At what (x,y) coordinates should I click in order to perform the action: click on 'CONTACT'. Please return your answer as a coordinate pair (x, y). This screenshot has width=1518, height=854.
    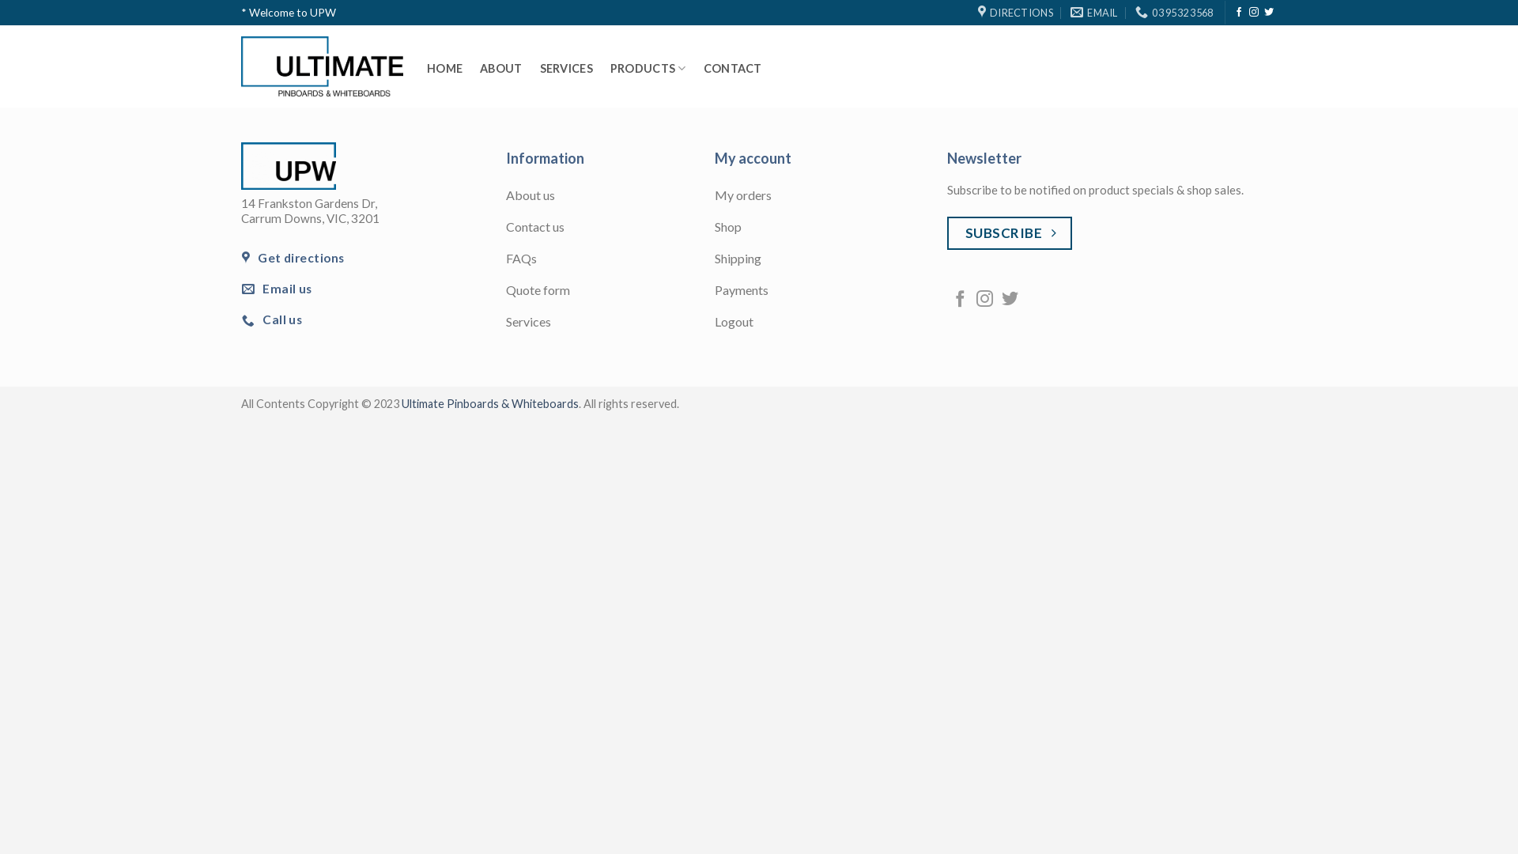
    Looking at the image, I should click on (731, 68).